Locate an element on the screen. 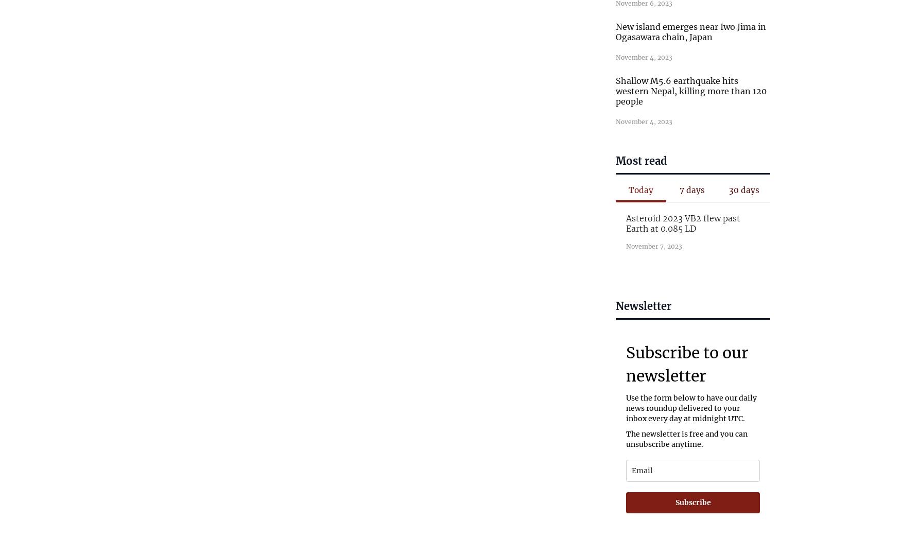 This screenshot has width=901, height=537. 'Use the form below to have our daily news roundup delivered to your inbox every day at midnight UTC.' is located at coordinates (691, 407).